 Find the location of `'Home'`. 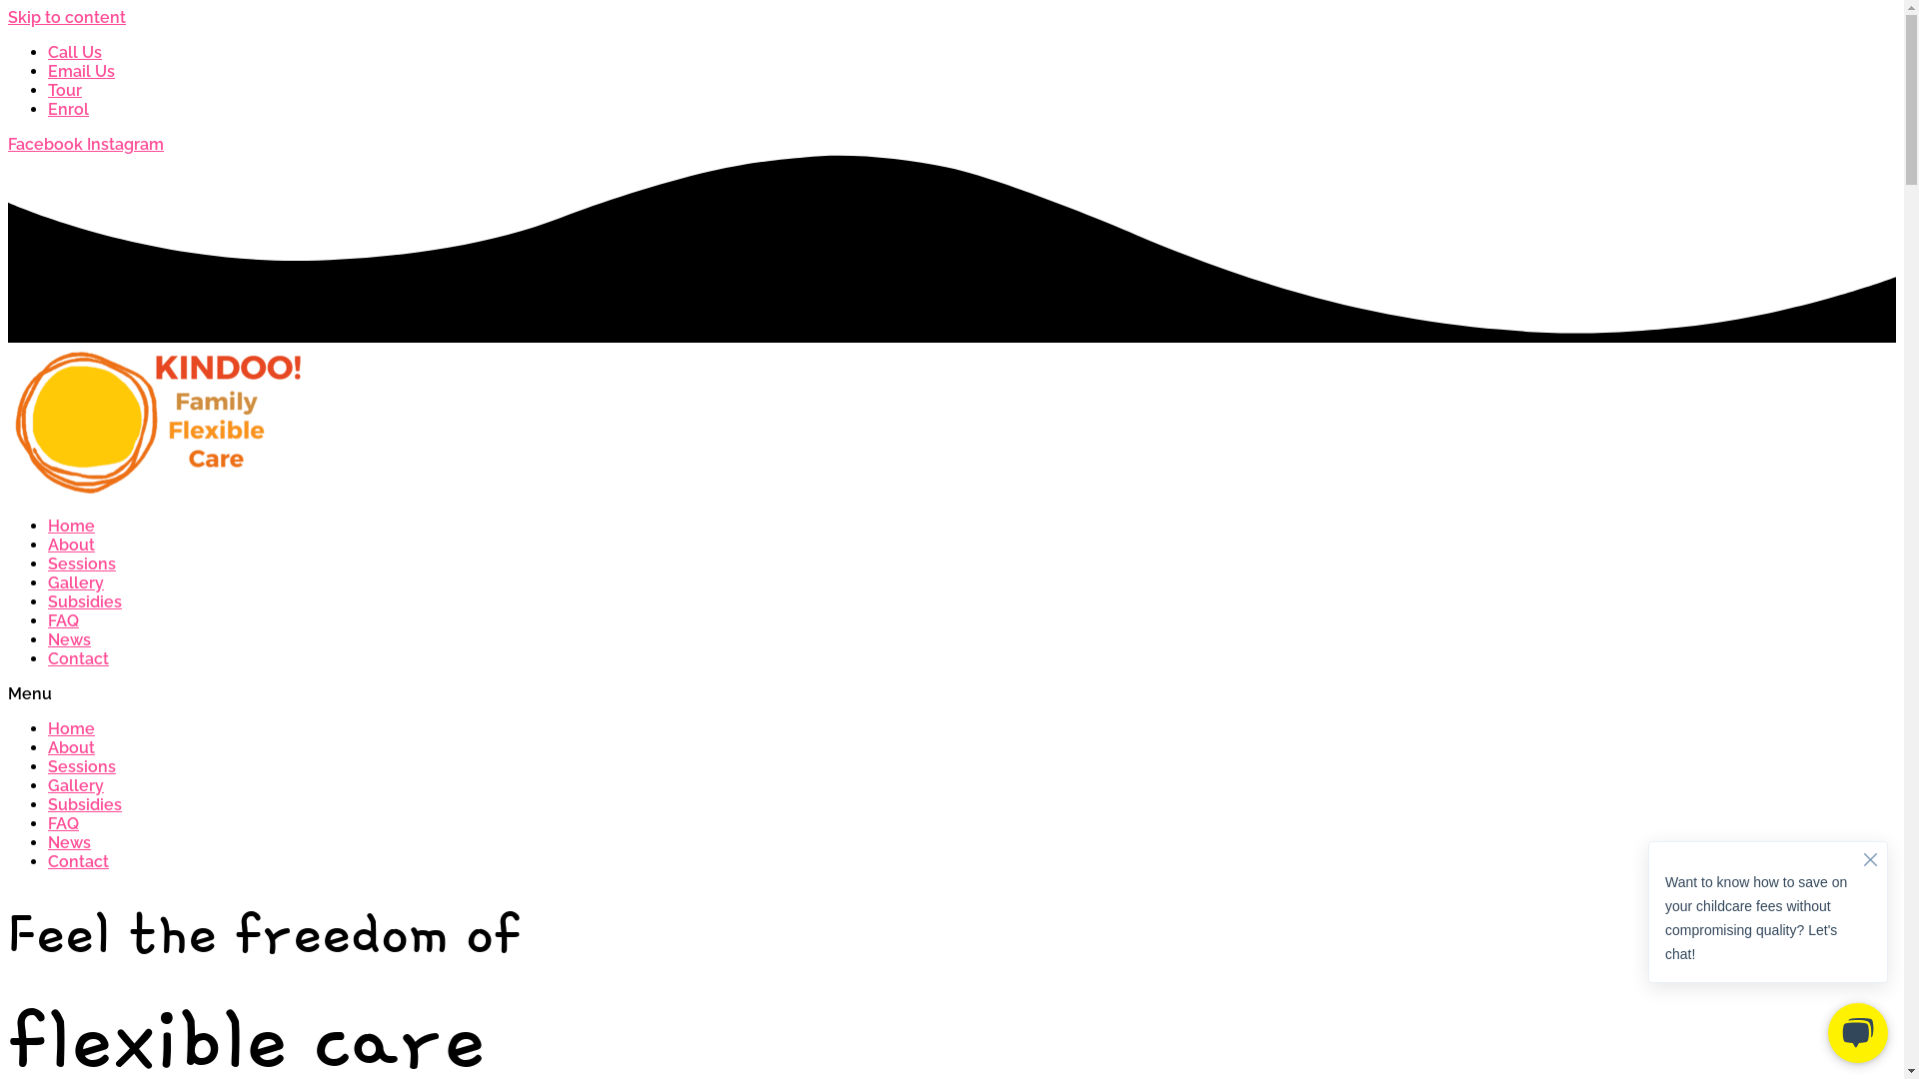

'Home' is located at coordinates (71, 525).